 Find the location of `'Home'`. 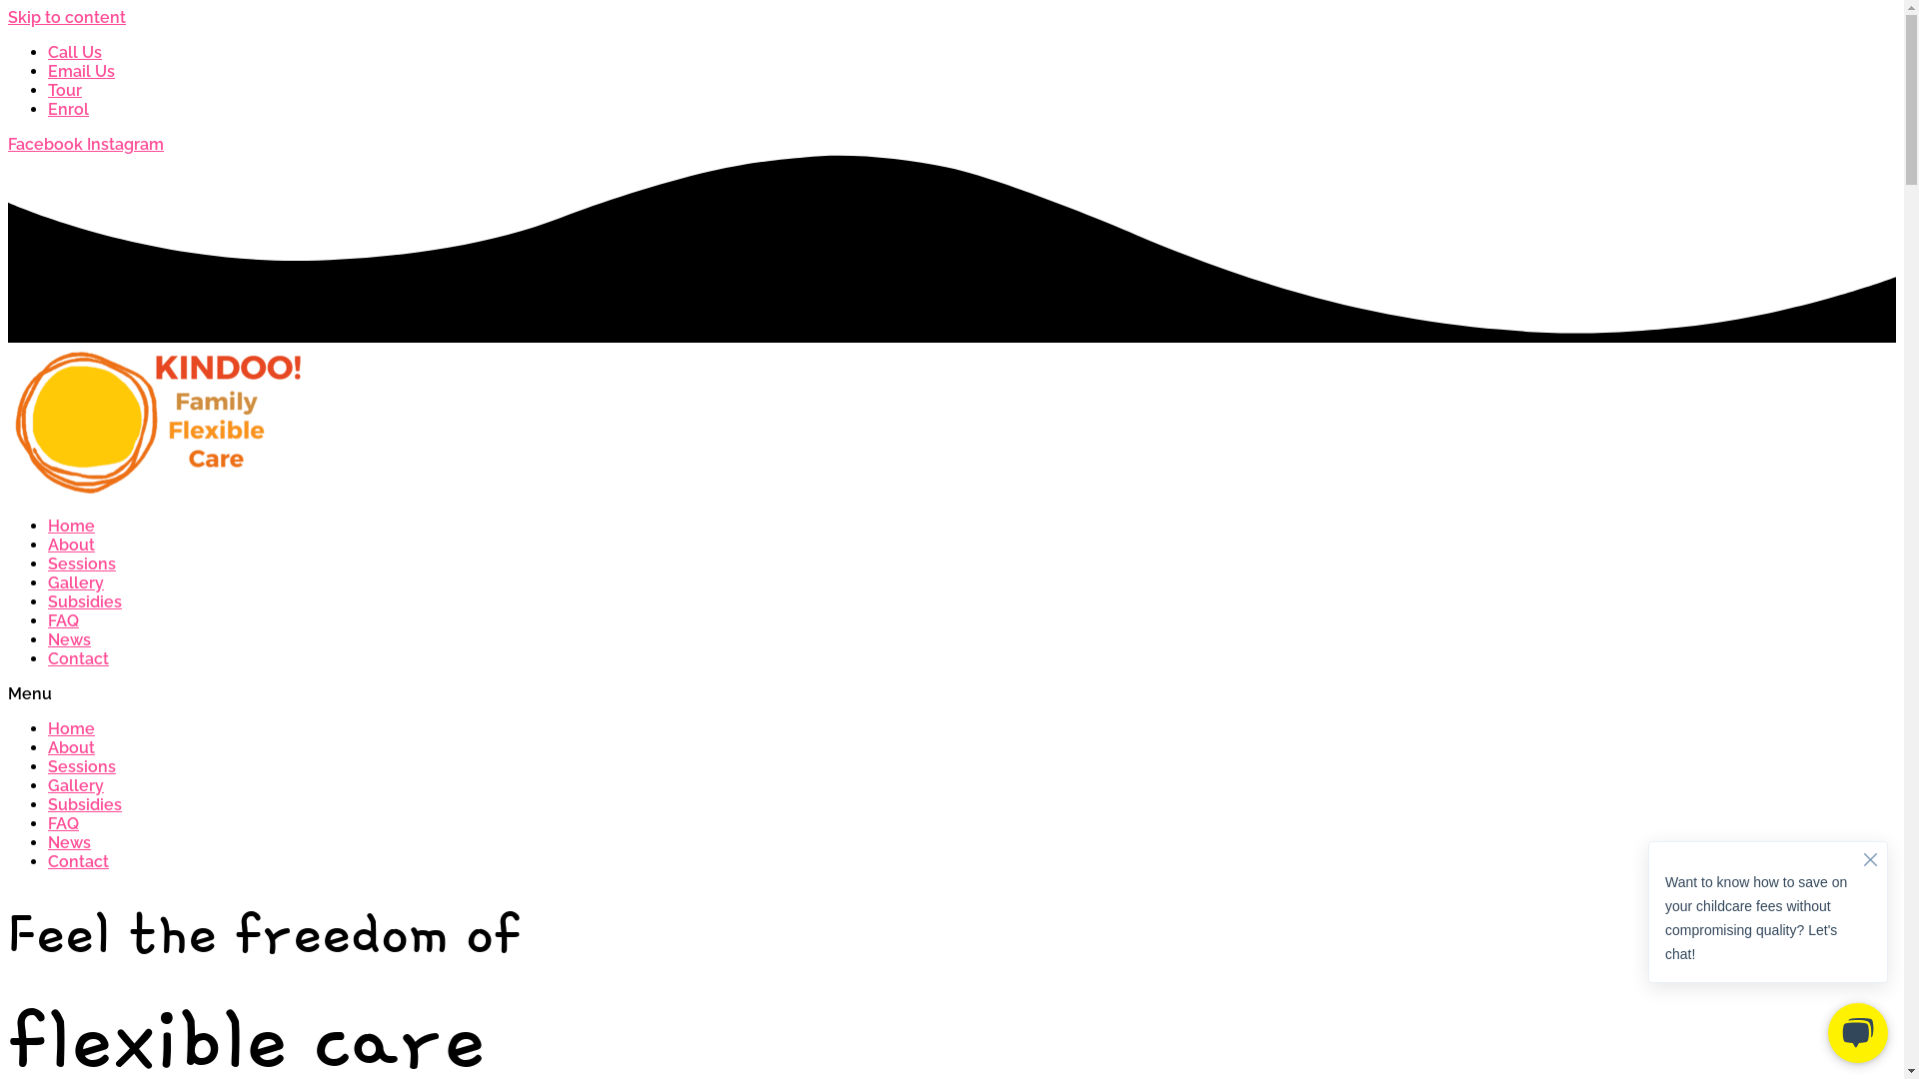

'Home' is located at coordinates (71, 525).